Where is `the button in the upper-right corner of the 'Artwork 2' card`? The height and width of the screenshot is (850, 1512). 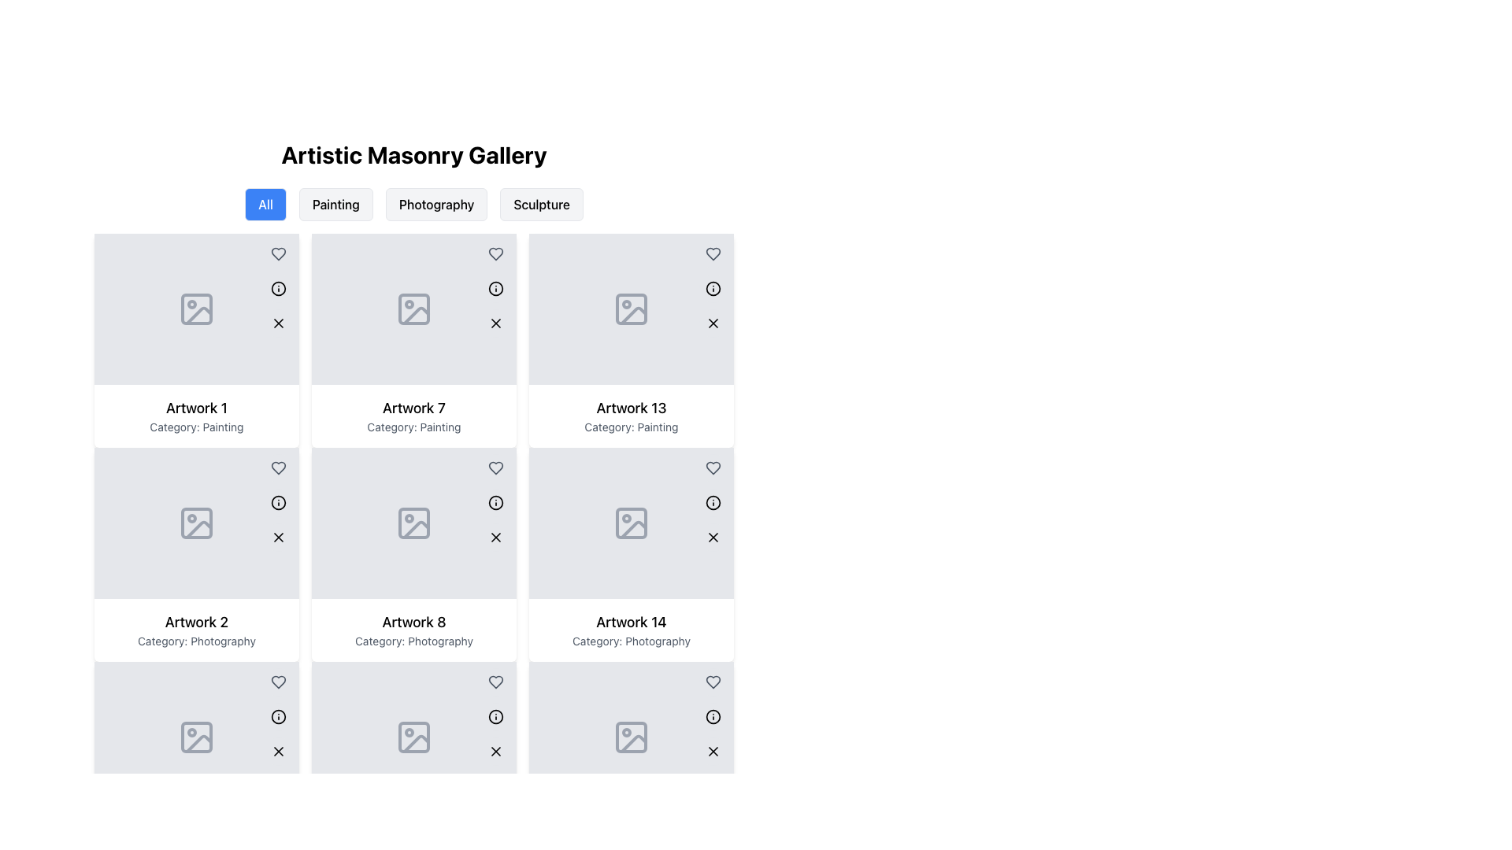 the button in the upper-right corner of the 'Artwork 2' card is located at coordinates (279, 503).